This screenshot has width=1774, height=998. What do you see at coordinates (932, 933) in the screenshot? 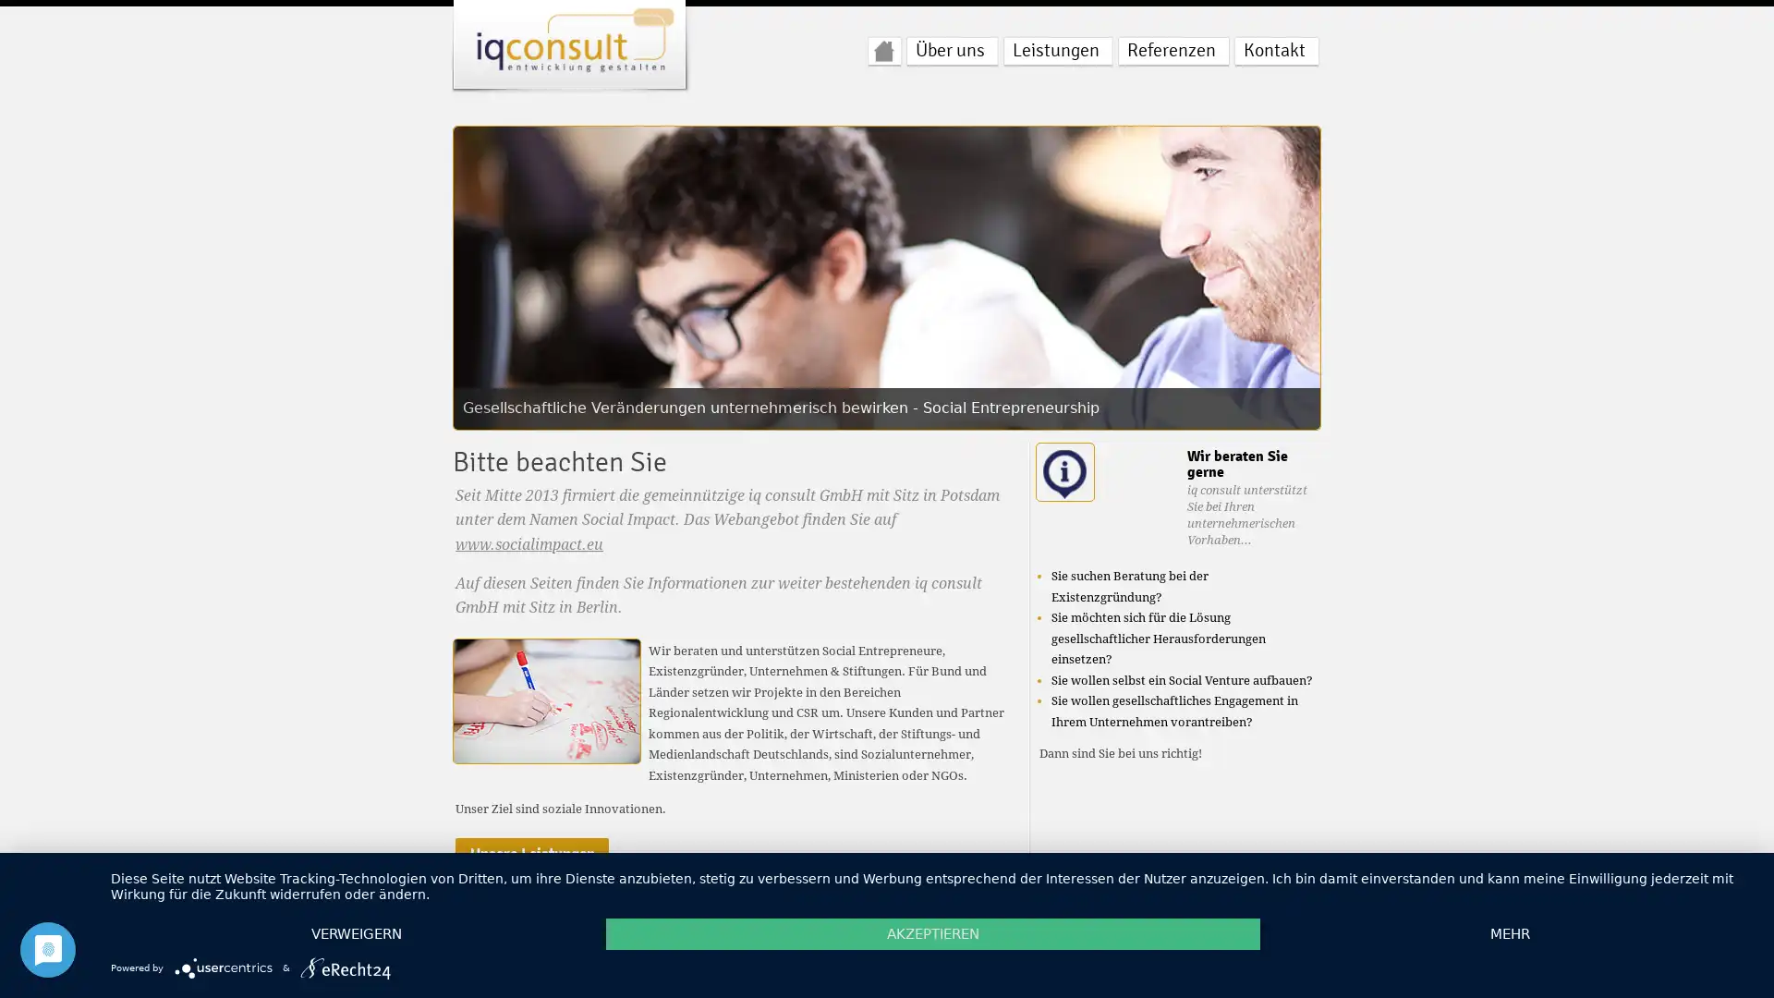
I see `AKZEPTIEREN` at bounding box center [932, 933].